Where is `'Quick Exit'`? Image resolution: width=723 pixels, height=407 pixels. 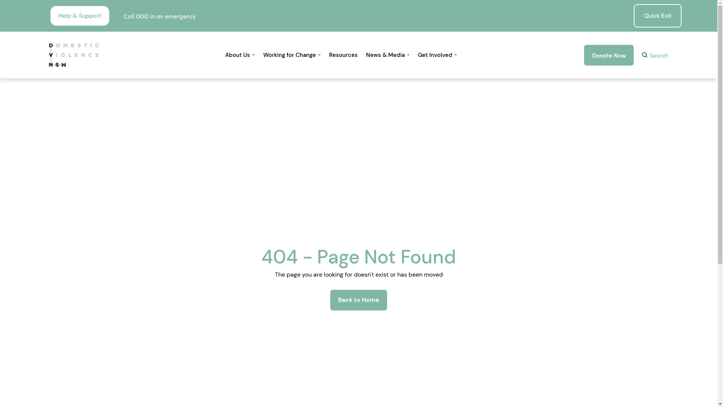
'Quick Exit' is located at coordinates (657, 16).